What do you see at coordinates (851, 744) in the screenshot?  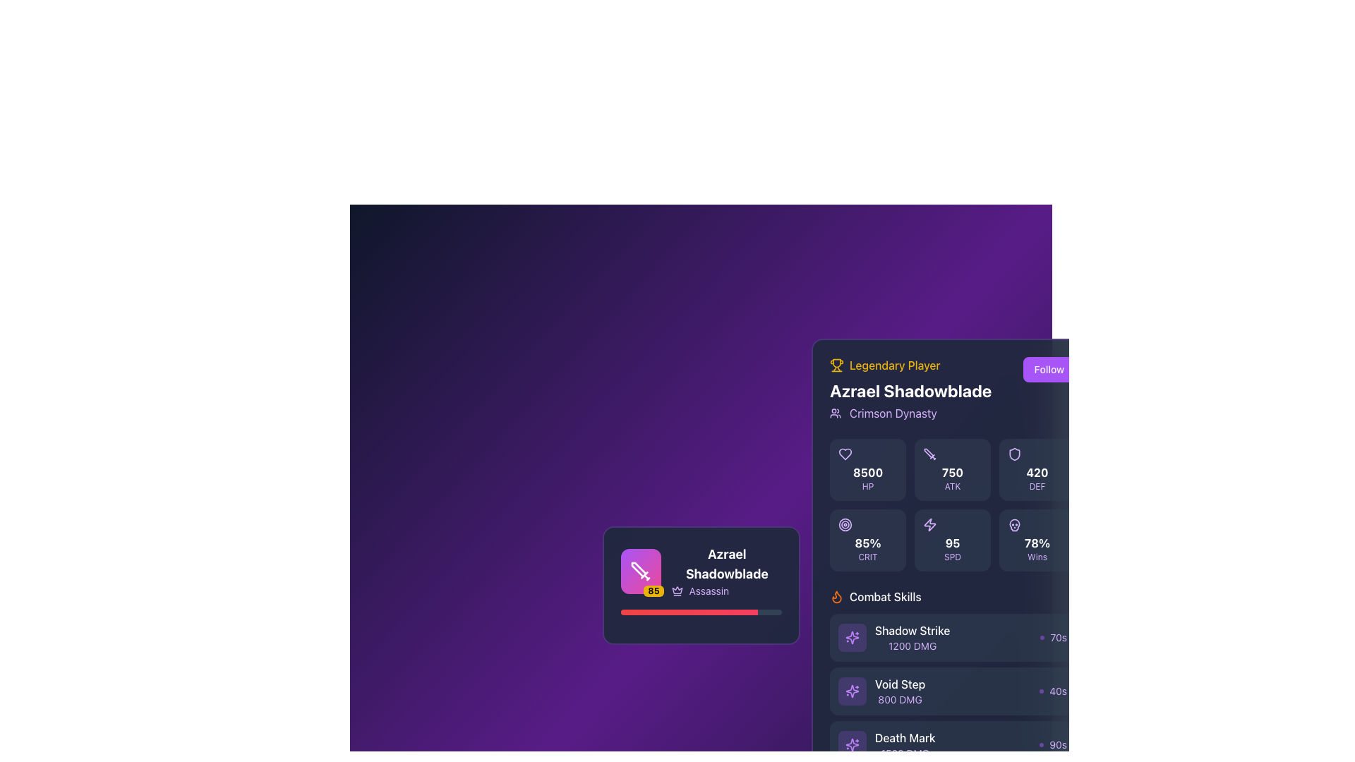 I see `the circular glyph icon with a purple background and star-like design, located within the 'Death Mark' combat skill entry, to the left of the '1500 DMG' and 'Death Mark' text` at bounding box center [851, 744].